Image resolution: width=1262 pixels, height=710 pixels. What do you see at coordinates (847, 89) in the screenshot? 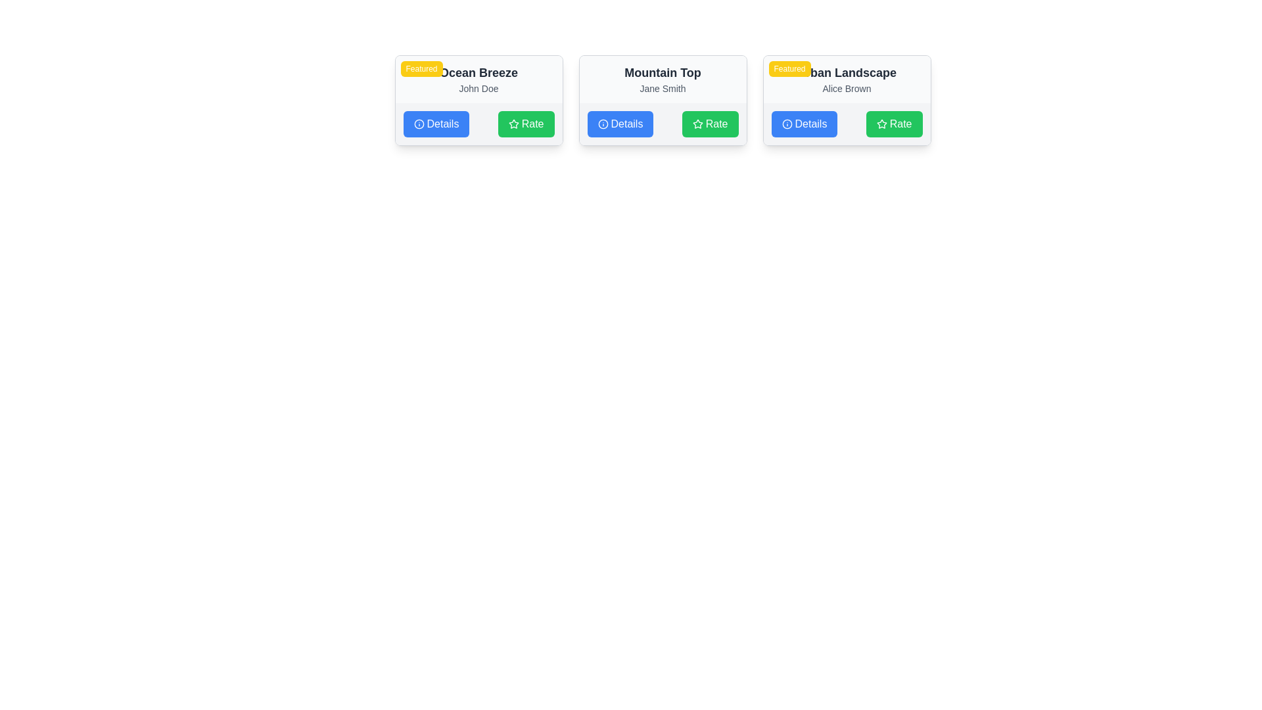
I see `the text label displaying 'Alice Brown' located beneath the title 'Urban Landscape' within the rightmost card of a horizontal arrangement` at bounding box center [847, 89].